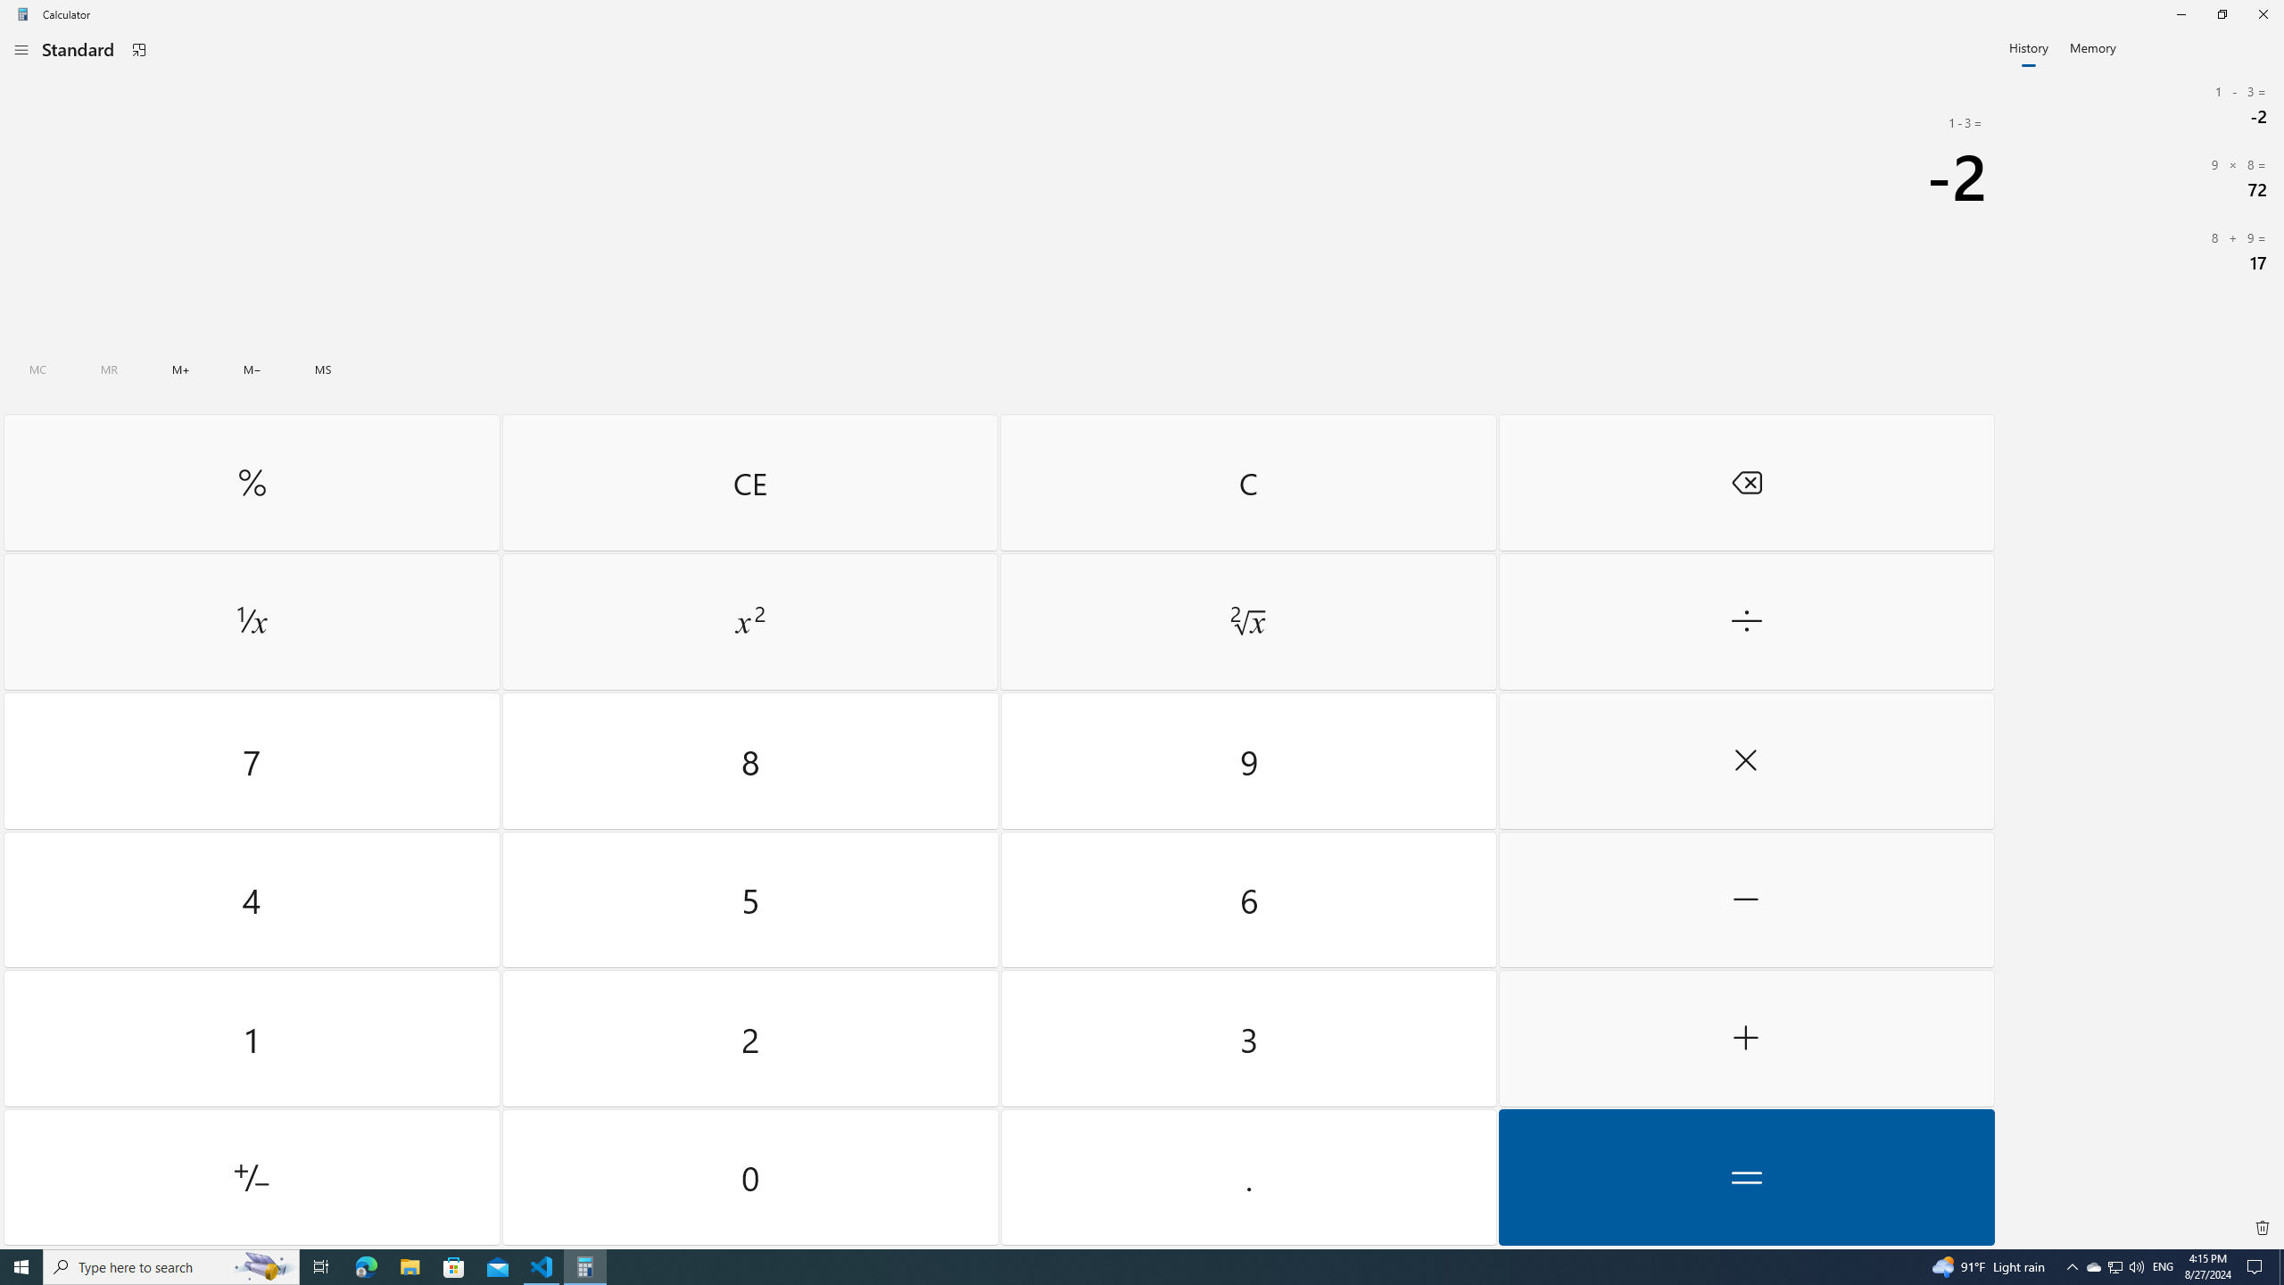 Image resolution: width=2284 pixels, height=1285 pixels. Describe the element at coordinates (37, 369) in the screenshot. I see `'Clear all memory'` at that location.